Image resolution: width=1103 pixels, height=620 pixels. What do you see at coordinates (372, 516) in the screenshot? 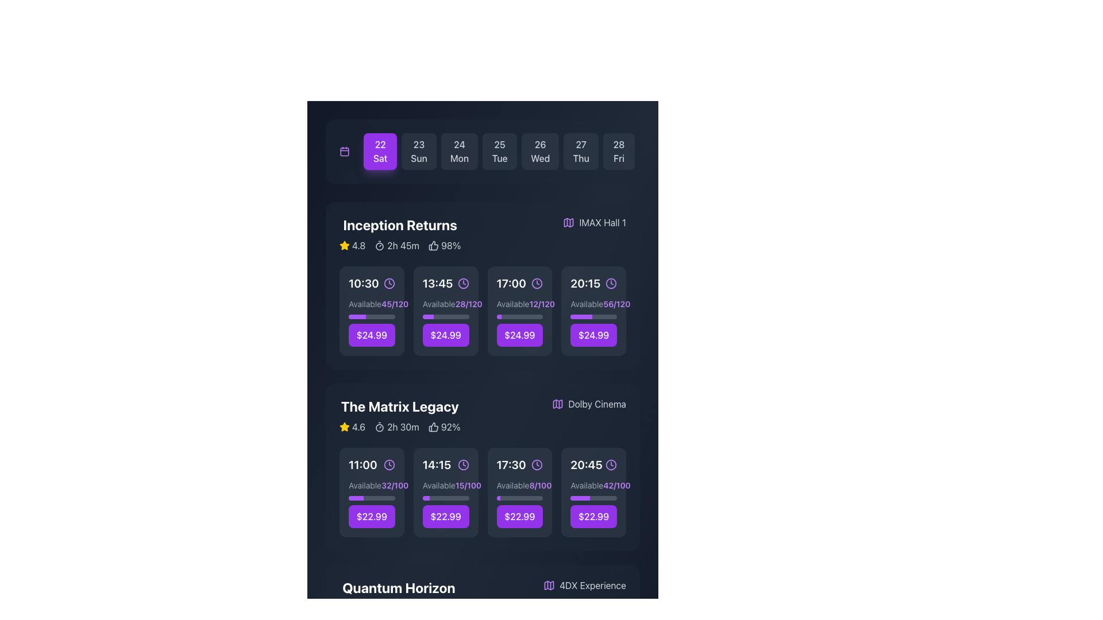
I see `the rectangular button displaying the price '$22.99' with a bold white font on a purple background, located in the 'The Matrix Legacy' section under the timing label '11:00'` at bounding box center [372, 516].